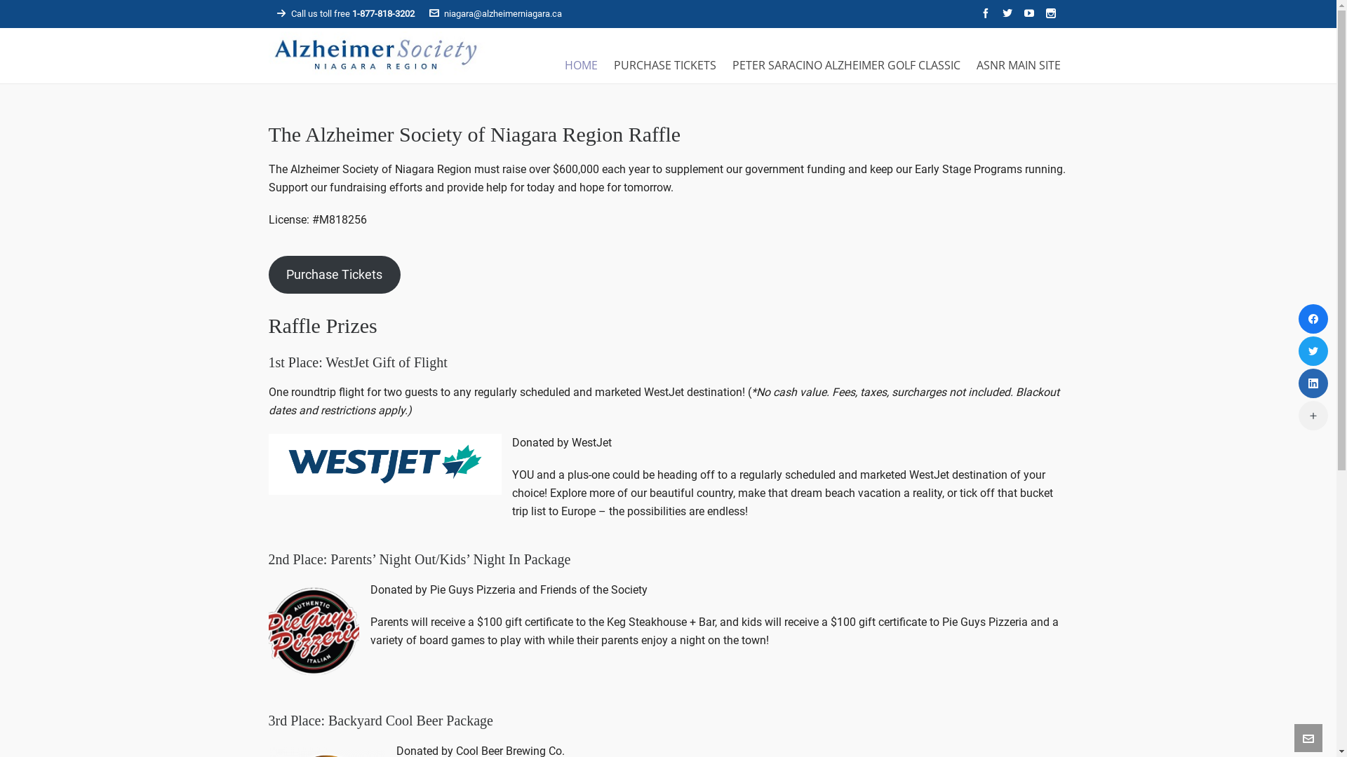  Describe the element at coordinates (606, 62) in the screenshot. I see `'PURCHASE TICKETS'` at that location.